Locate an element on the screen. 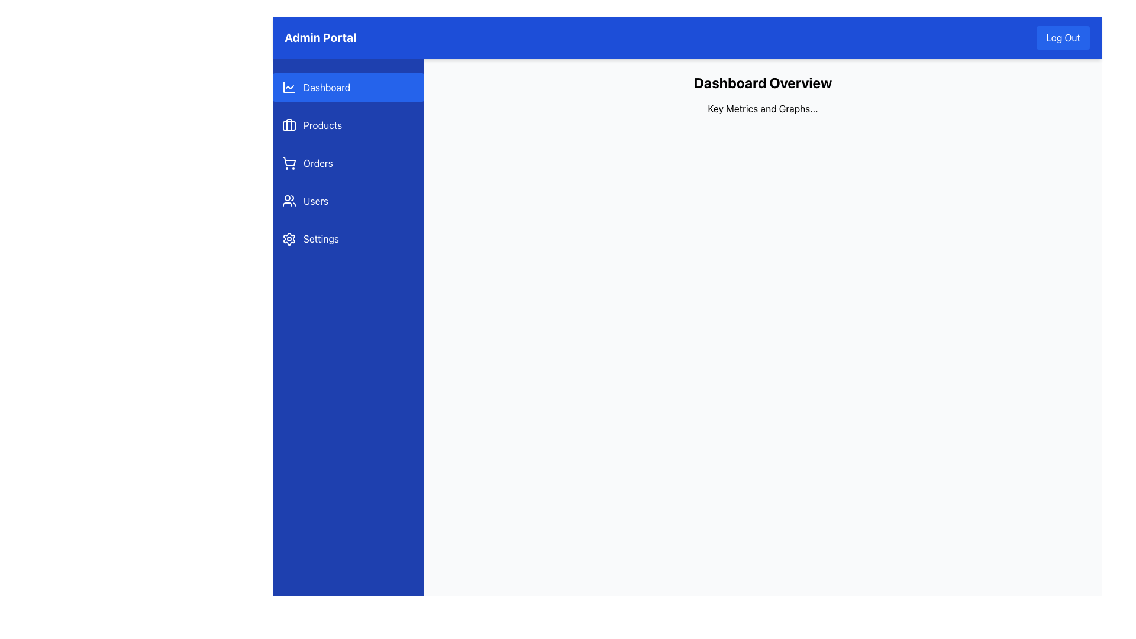 The image size is (1136, 639). the bold text label 'Dashboard Overview' located at the top of the main content area, beneath the blue navigation bar is located at coordinates (763, 82).